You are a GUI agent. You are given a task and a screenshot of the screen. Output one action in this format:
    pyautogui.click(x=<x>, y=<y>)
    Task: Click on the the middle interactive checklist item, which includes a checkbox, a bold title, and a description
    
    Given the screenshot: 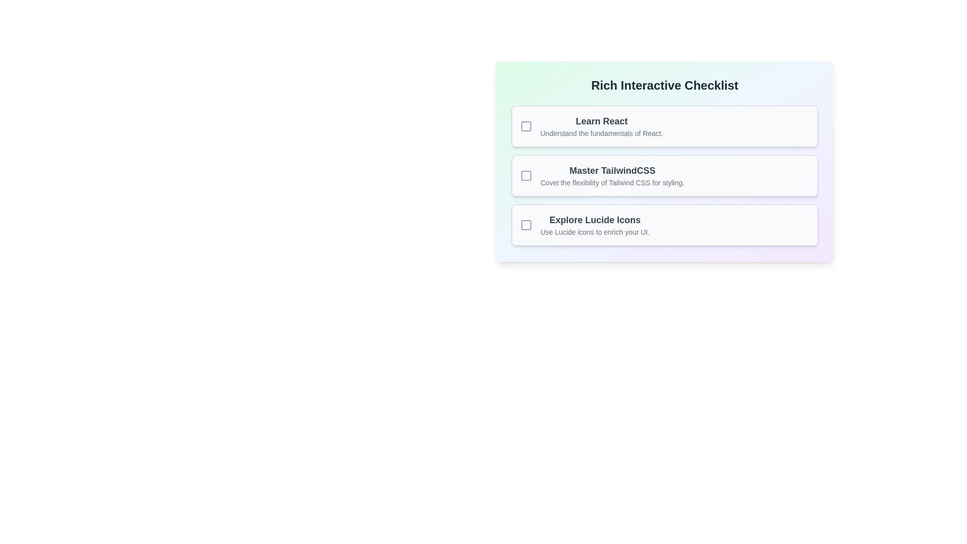 What is the action you would take?
    pyautogui.click(x=665, y=175)
    